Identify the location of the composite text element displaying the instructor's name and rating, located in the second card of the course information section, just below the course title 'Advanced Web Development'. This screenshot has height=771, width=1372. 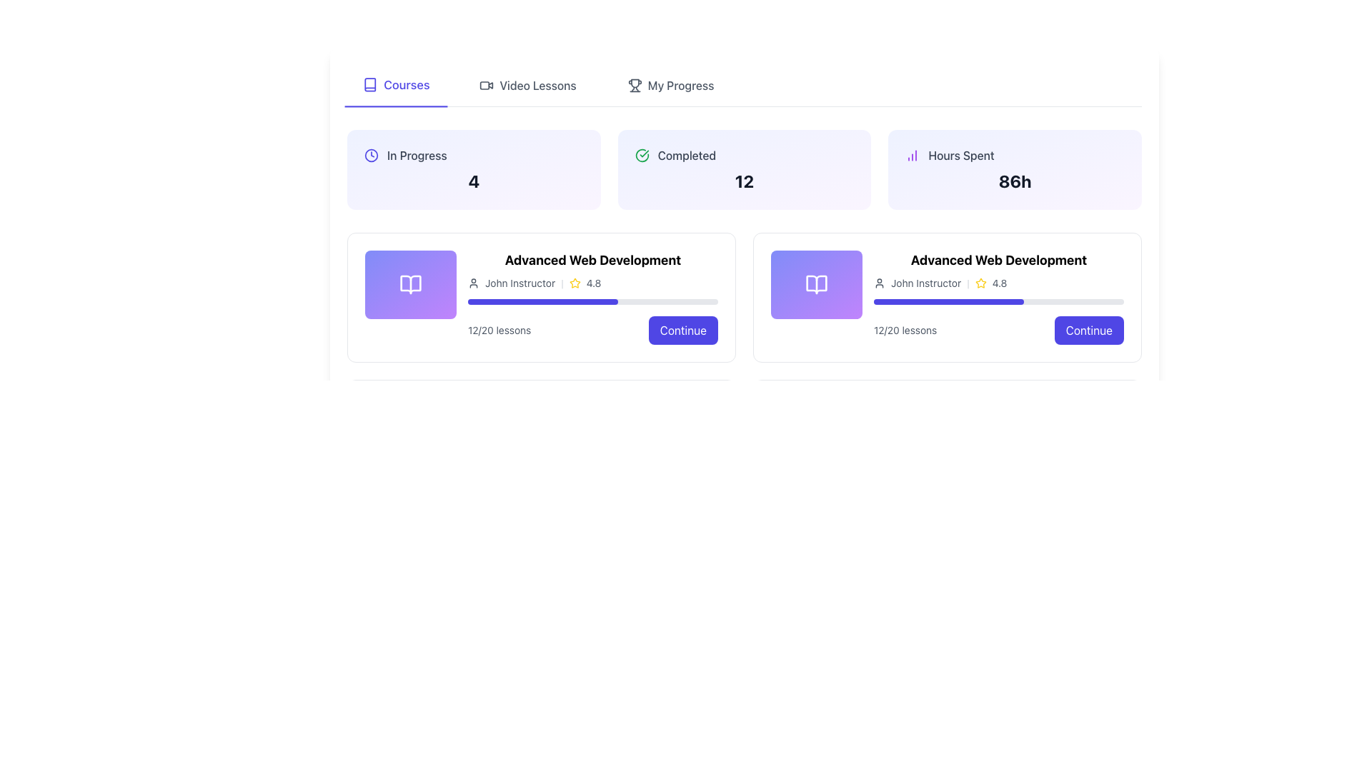
(998, 283).